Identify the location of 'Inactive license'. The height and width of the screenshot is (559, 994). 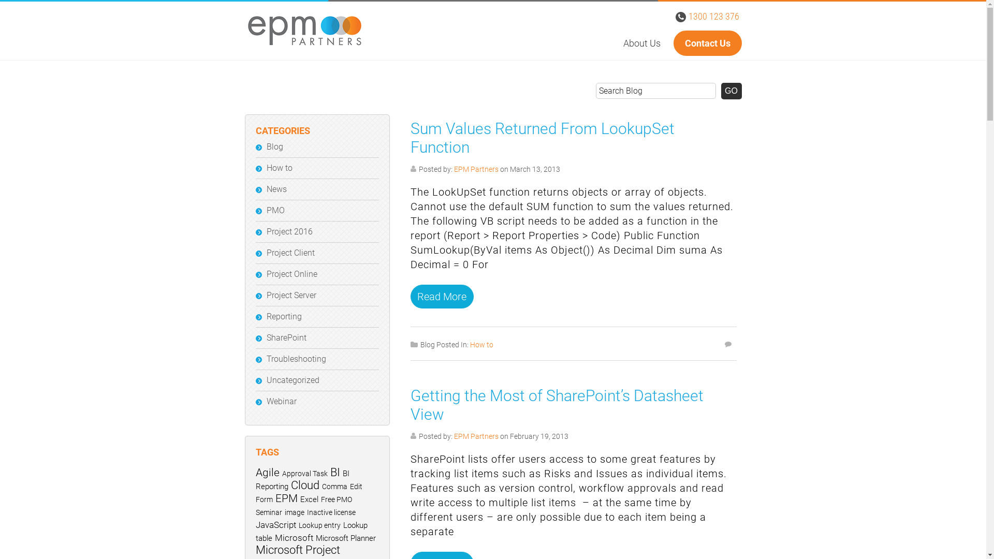
(330, 512).